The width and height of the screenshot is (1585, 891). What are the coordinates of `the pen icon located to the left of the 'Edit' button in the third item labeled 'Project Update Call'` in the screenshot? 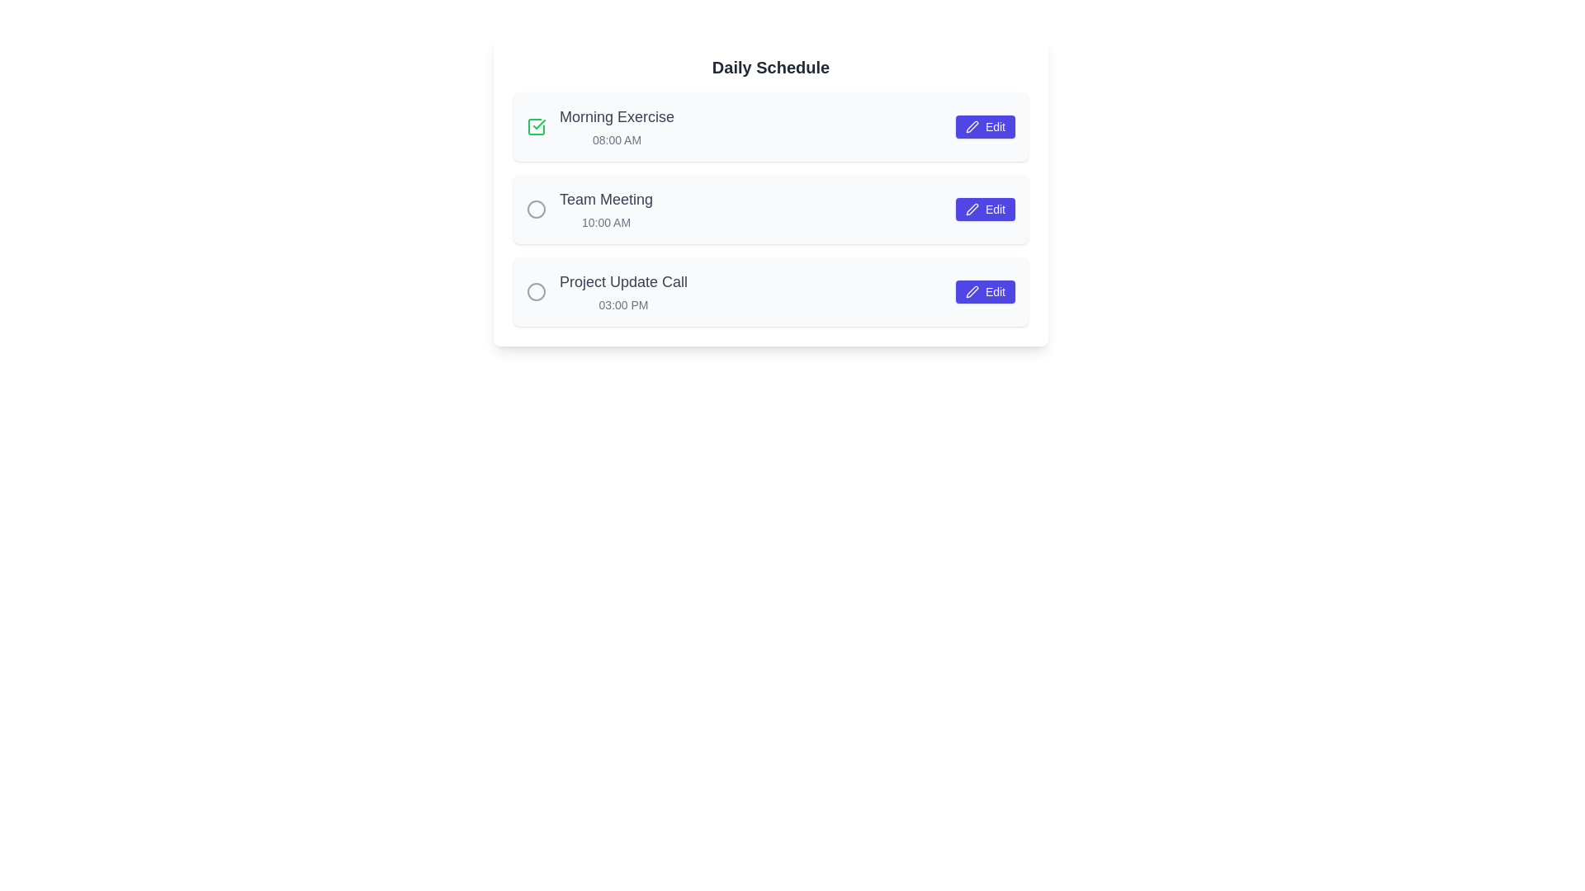 It's located at (972, 291).